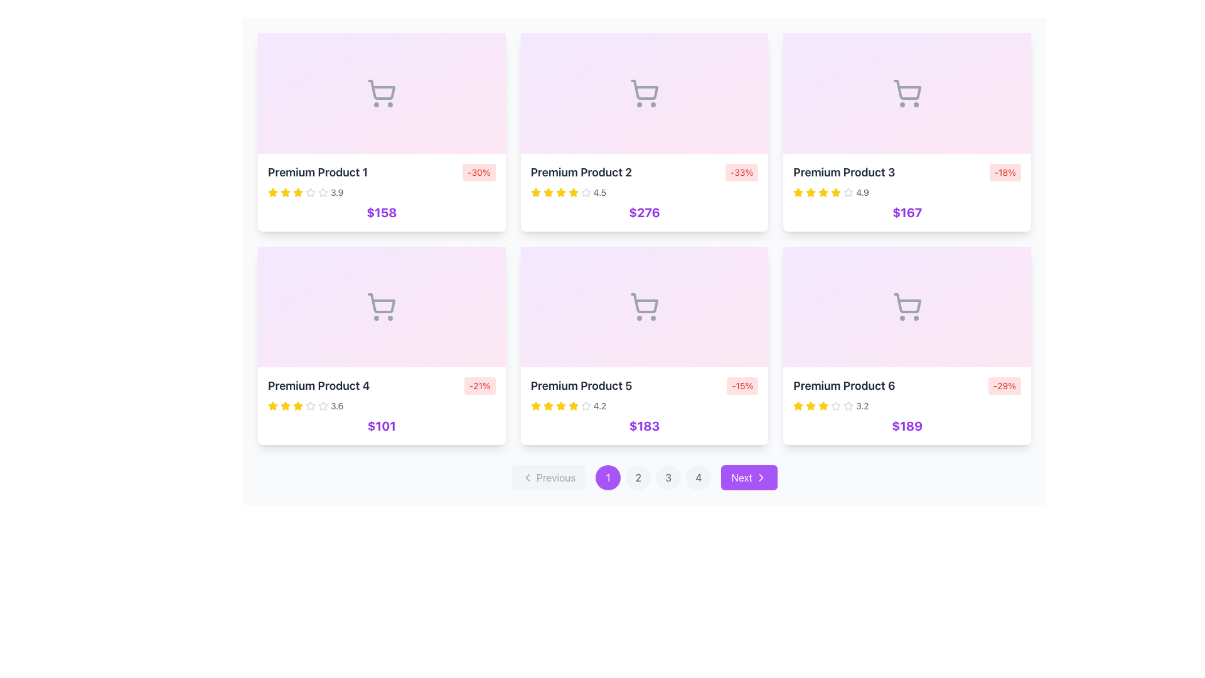 The image size is (1205, 678). What do you see at coordinates (823, 406) in the screenshot?
I see `the fourth star icon in the rating bar for the 'Premium Product 6' located at the bottom of the product tile` at bounding box center [823, 406].